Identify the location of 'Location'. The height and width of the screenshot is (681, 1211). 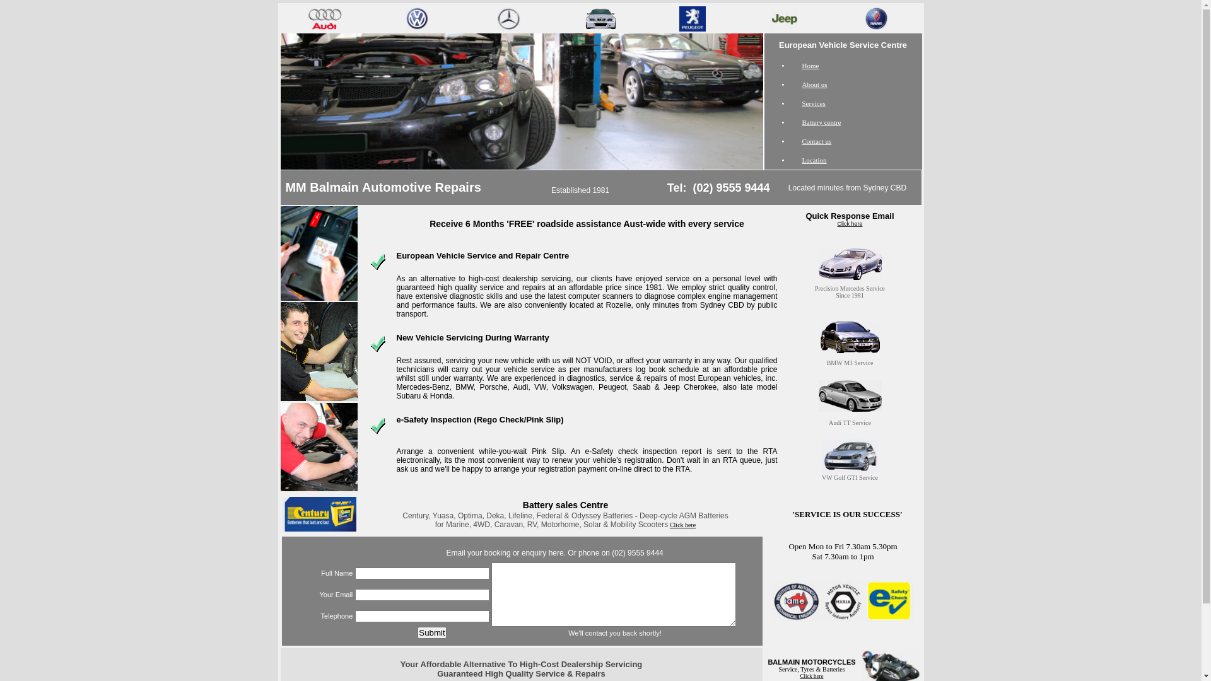
(814, 160).